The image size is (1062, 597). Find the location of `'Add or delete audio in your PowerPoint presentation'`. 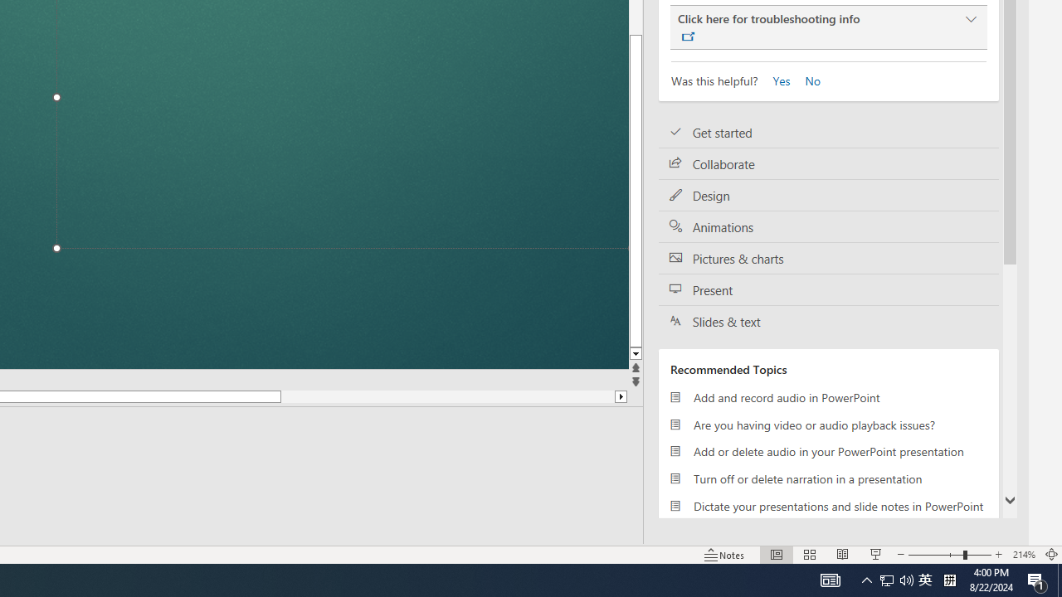

'Add or delete audio in your PowerPoint presentation' is located at coordinates (829, 452).